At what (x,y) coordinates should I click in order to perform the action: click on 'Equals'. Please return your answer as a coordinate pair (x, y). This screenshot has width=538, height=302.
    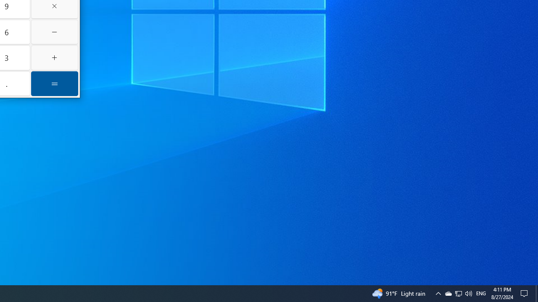
    Looking at the image, I should click on (54, 83).